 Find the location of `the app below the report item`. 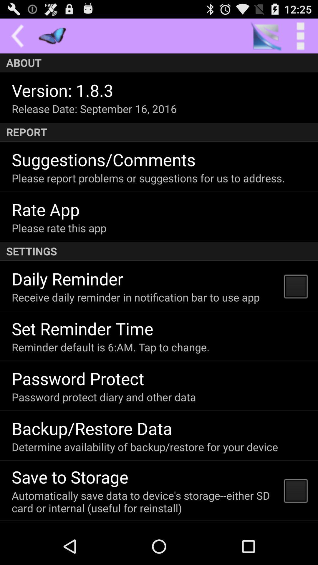

the app below the report item is located at coordinates (103, 159).